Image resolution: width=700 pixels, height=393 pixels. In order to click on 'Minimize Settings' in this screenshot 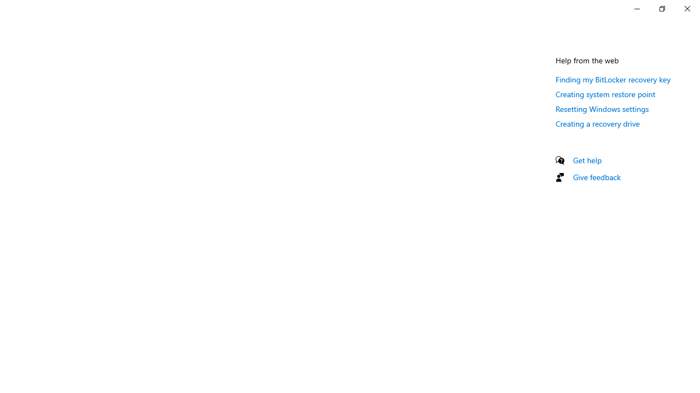, I will do `click(637, 8)`.